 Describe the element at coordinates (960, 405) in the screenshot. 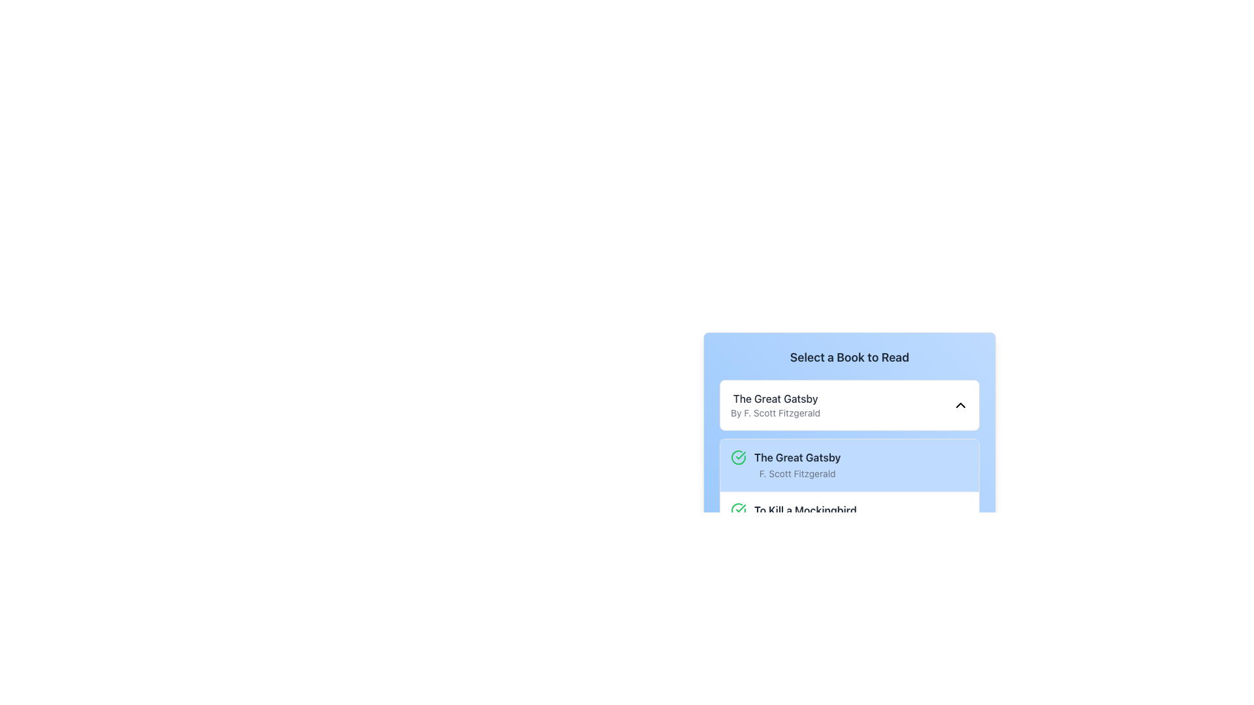

I see `the chevron icon indicating expandability or collapsibility of 'The Great Gatsby By F. Scott Fitzgerald'` at that location.